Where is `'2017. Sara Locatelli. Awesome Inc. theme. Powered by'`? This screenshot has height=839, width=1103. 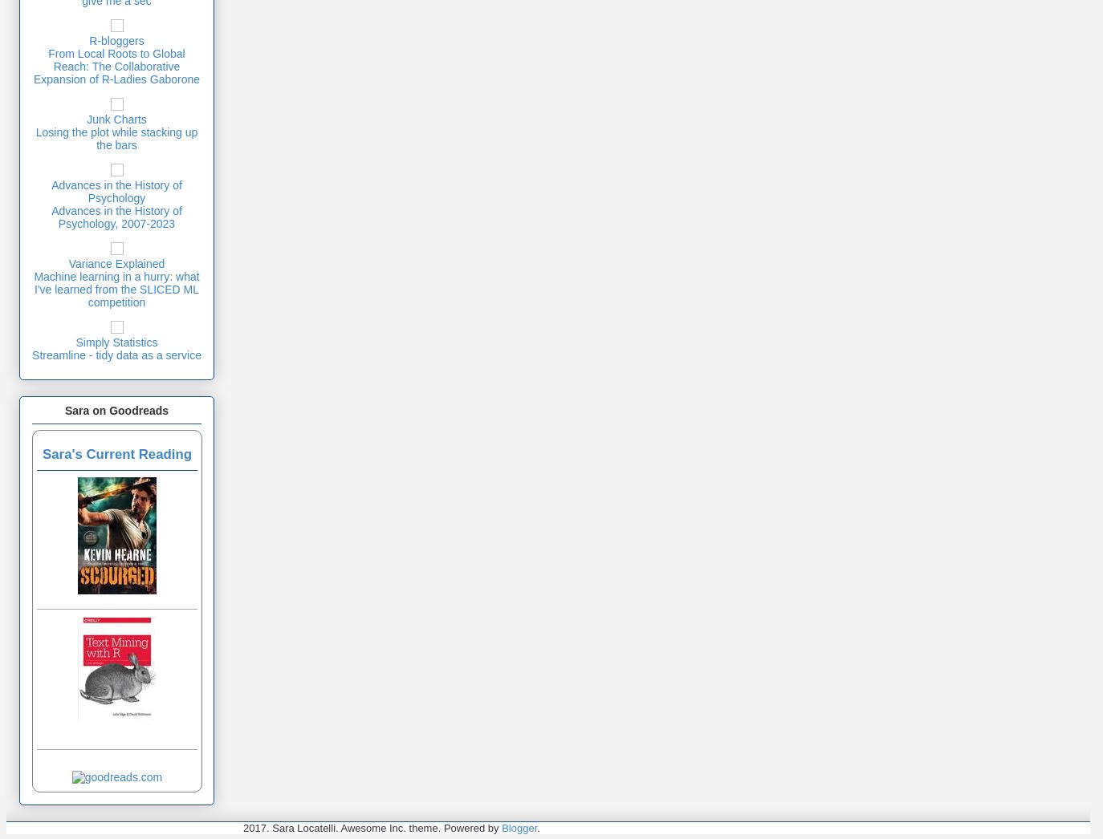 '2017. Sara Locatelli. Awesome Inc. theme. Powered by' is located at coordinates (372, 828).